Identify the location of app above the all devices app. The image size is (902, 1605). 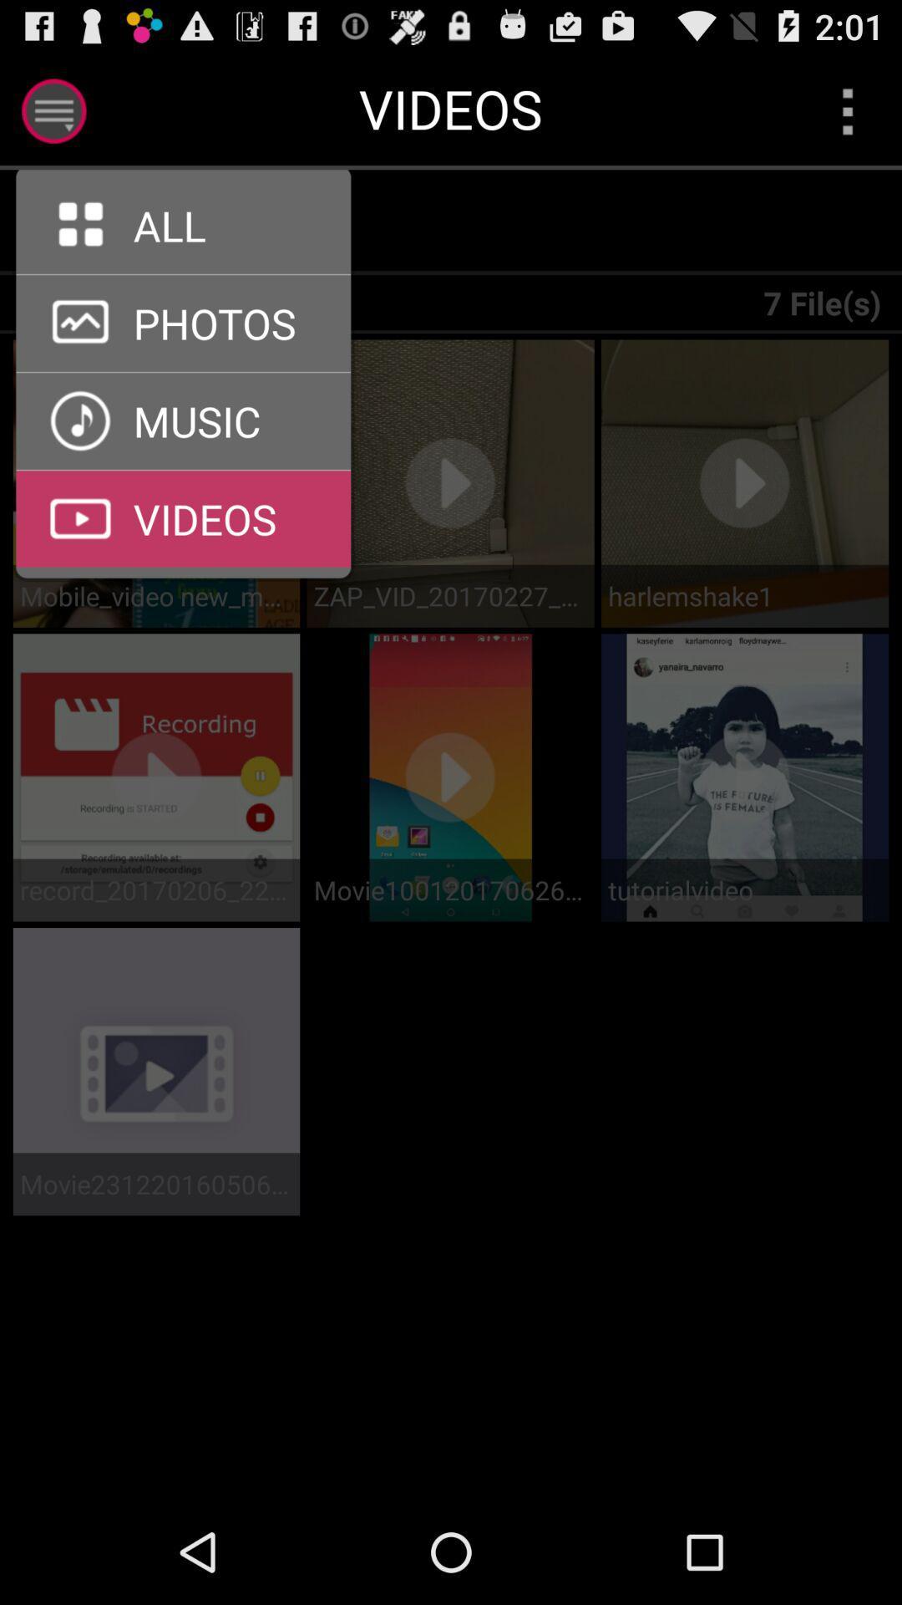
(193, 222).